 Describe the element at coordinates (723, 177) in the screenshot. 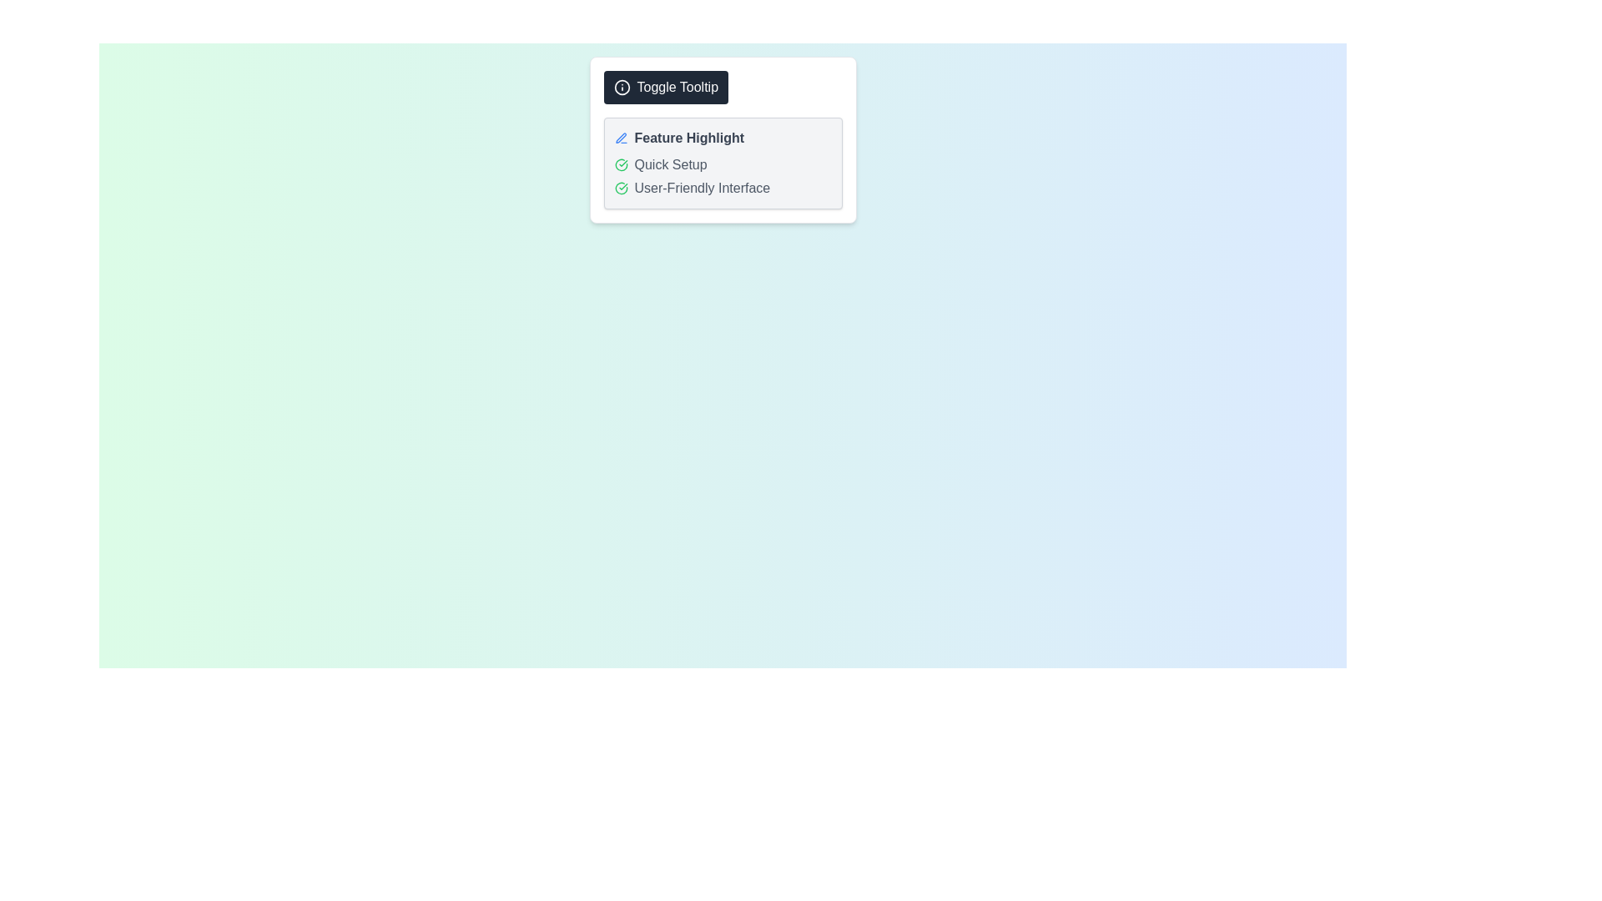

I see `text from the third list item with icon and text located below the 'Feature Highlight' title and above the next list item, which is centrally positioned in a light background card` at that location.